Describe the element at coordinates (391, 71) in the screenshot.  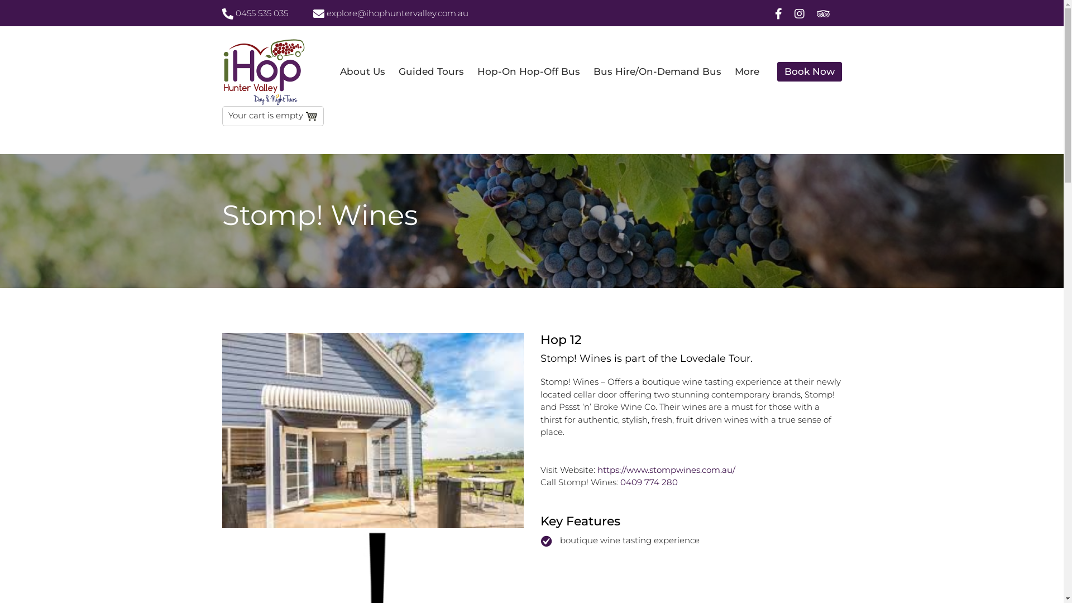
I see `'Guided Tours'` at that location.